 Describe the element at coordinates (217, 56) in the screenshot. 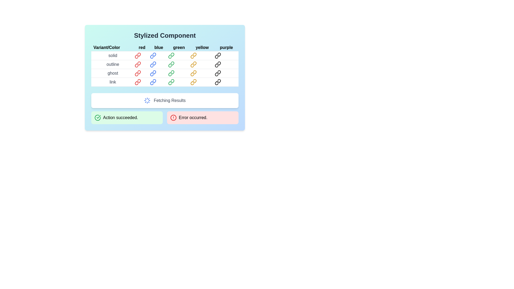

I see `the interactive link button that represents a solid purple variant located in the first row and fifth column of the grid` at that location.